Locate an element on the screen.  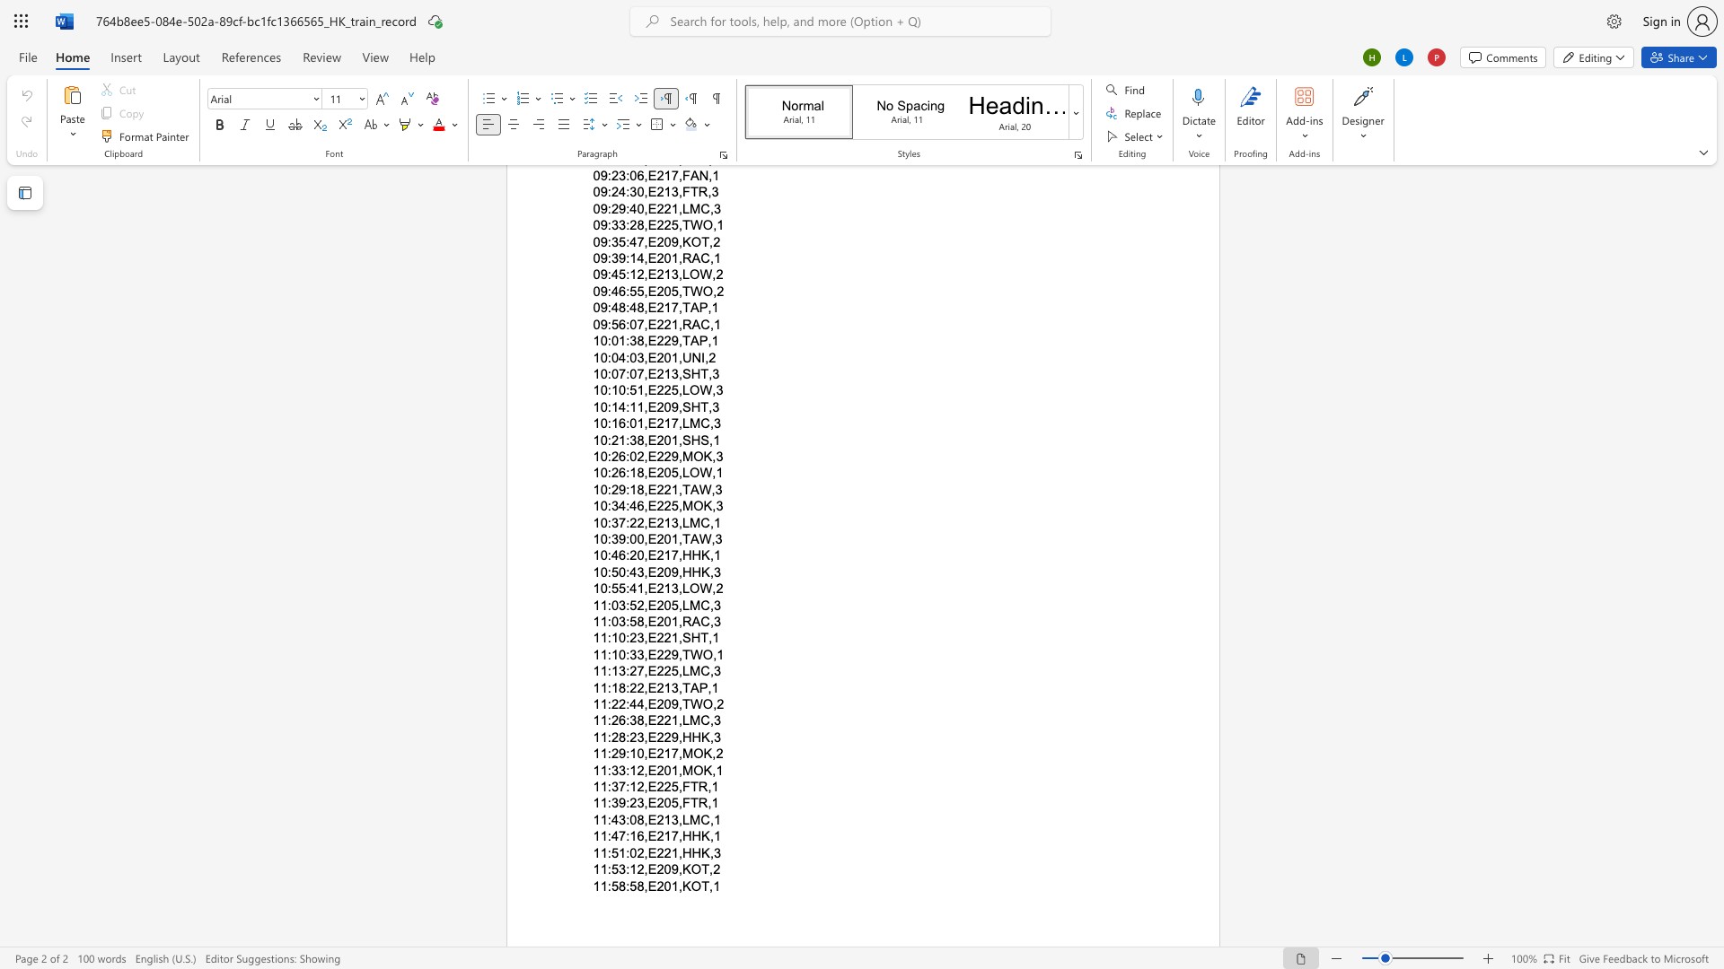
the subset text ",1" within the text "11:37:12,E225,FTR,1" is located at coordinates (707, 786).